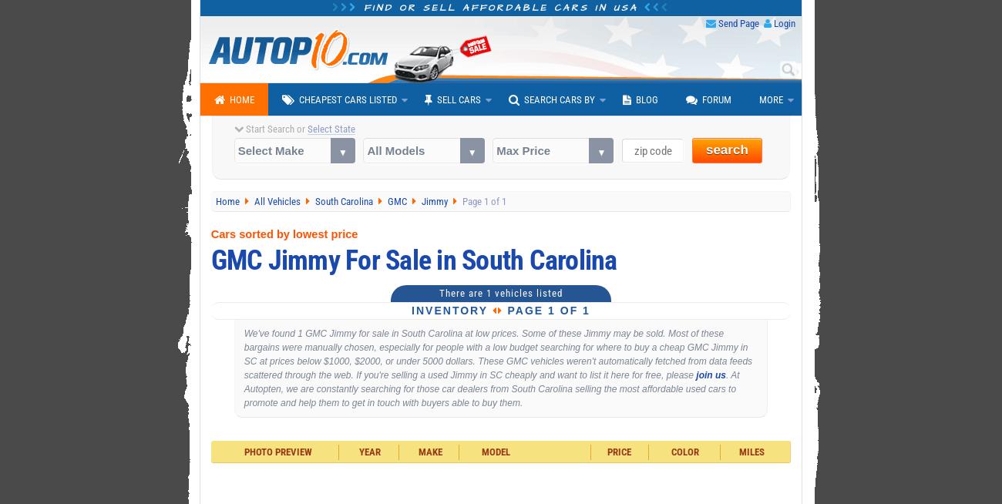 The width and height of the screenshot is (1002, 504). What do you see at coordinates (331, 128) in the screenshot?
I see `'Select State'` at bounding box center [331, 128].